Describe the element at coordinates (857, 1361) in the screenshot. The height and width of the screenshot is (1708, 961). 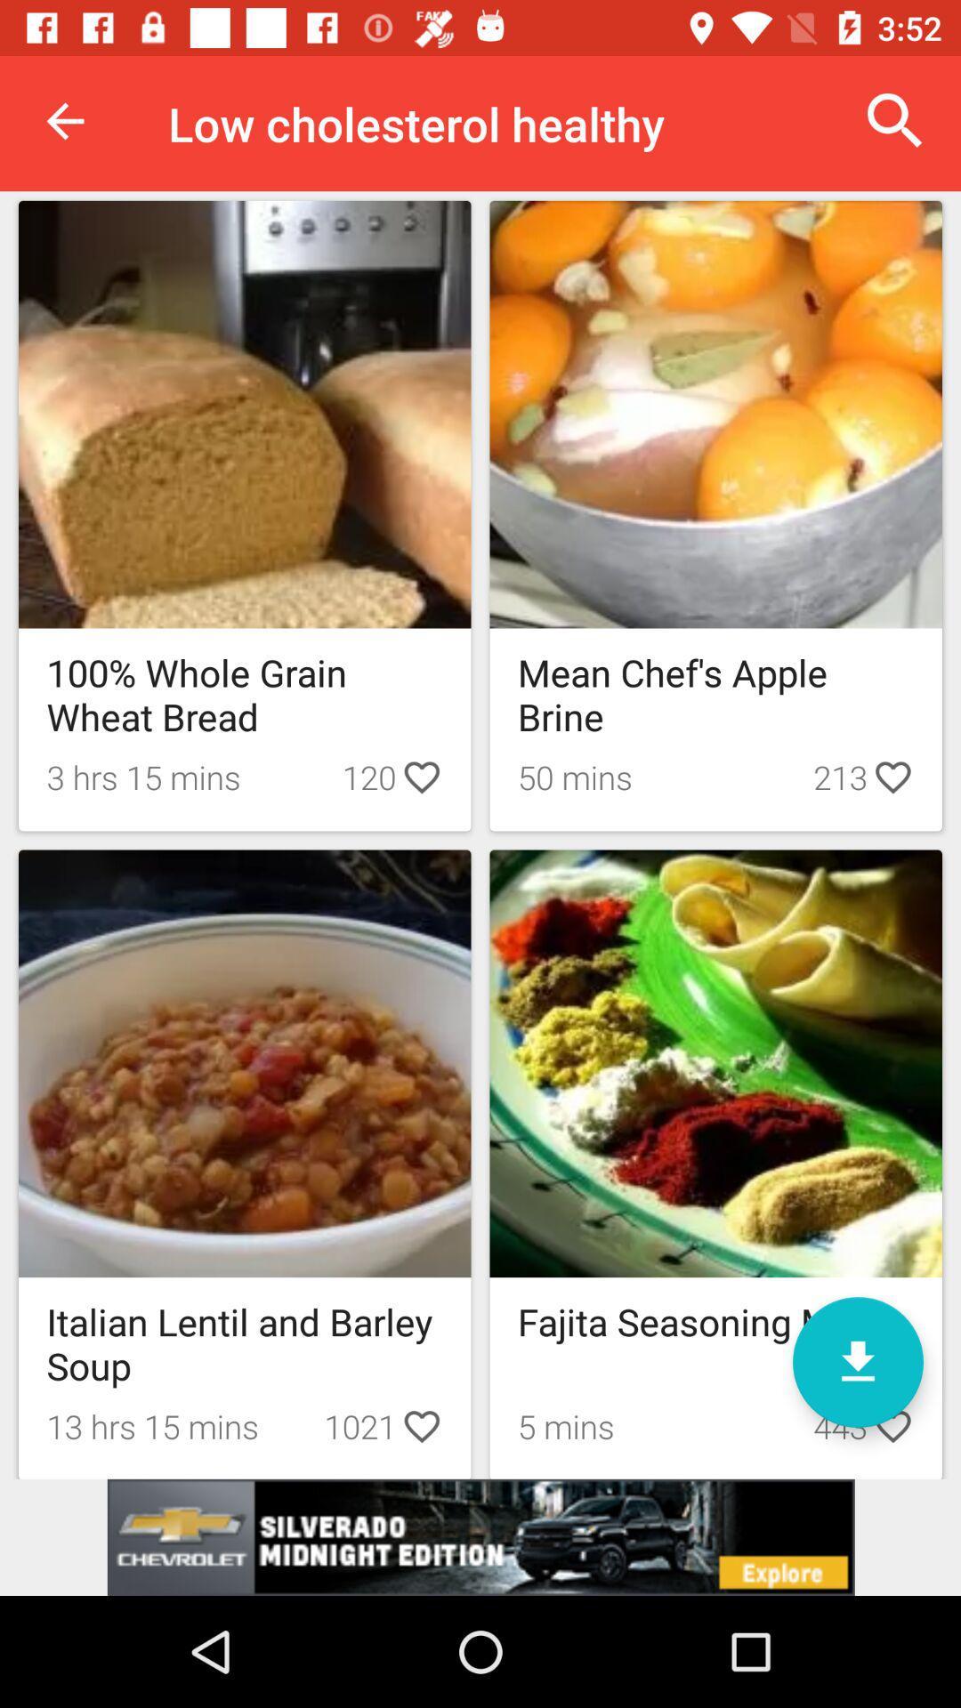
I see `dounload option` at that location.